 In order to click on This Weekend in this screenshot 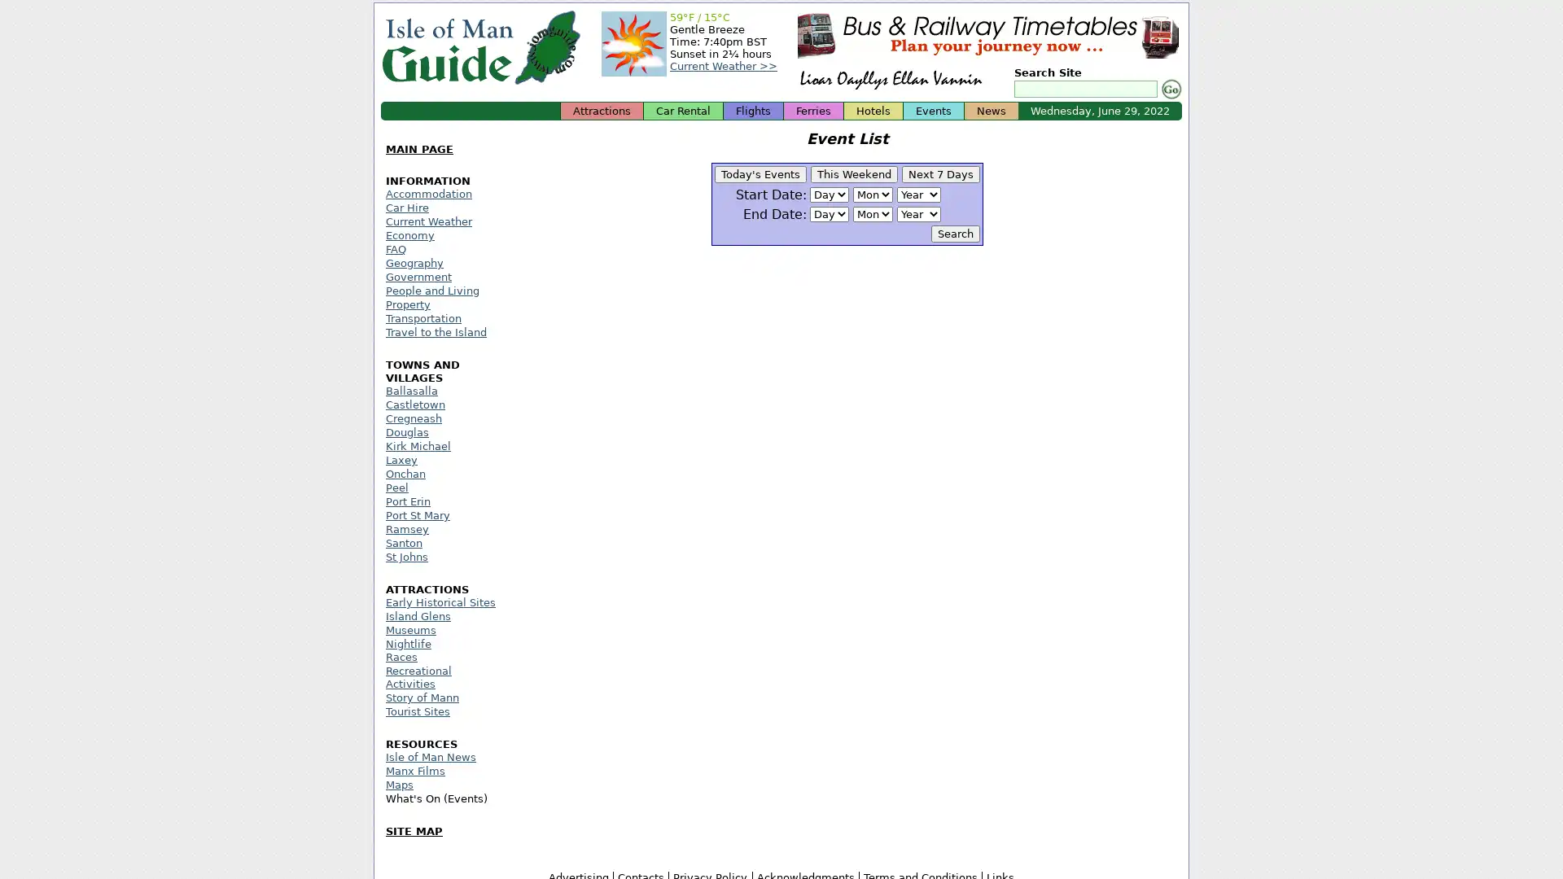, I will do `click(853, 174)`.